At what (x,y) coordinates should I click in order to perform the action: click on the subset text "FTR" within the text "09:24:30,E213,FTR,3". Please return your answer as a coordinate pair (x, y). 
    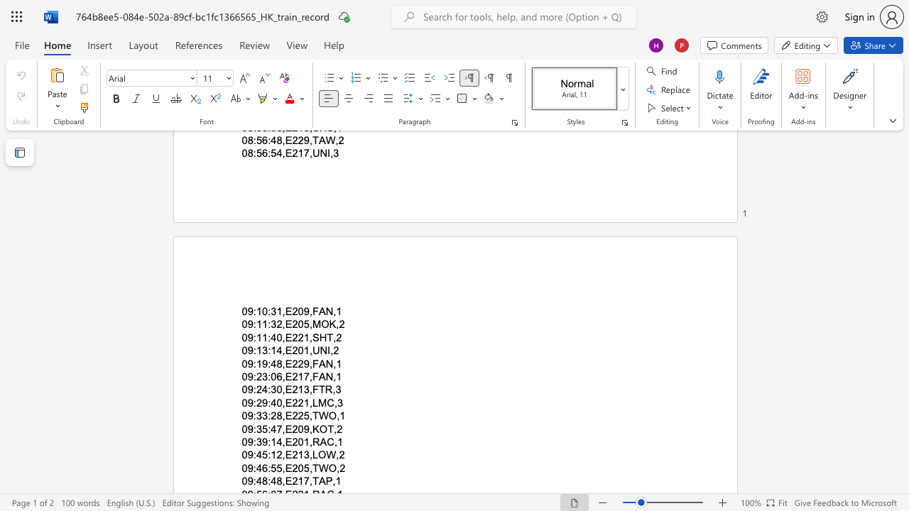
    Looking at the image, I should click on (311, 390).